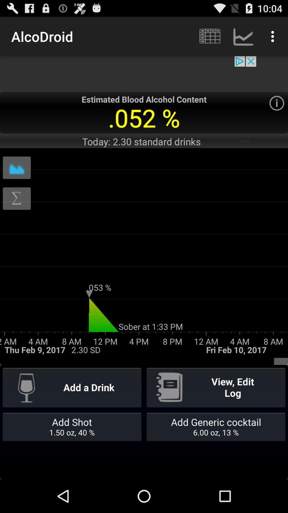  What do you see at coordinates (243, 36) in the screenshot?
I see `the button left to menu button` at bounding box center [243, 36].